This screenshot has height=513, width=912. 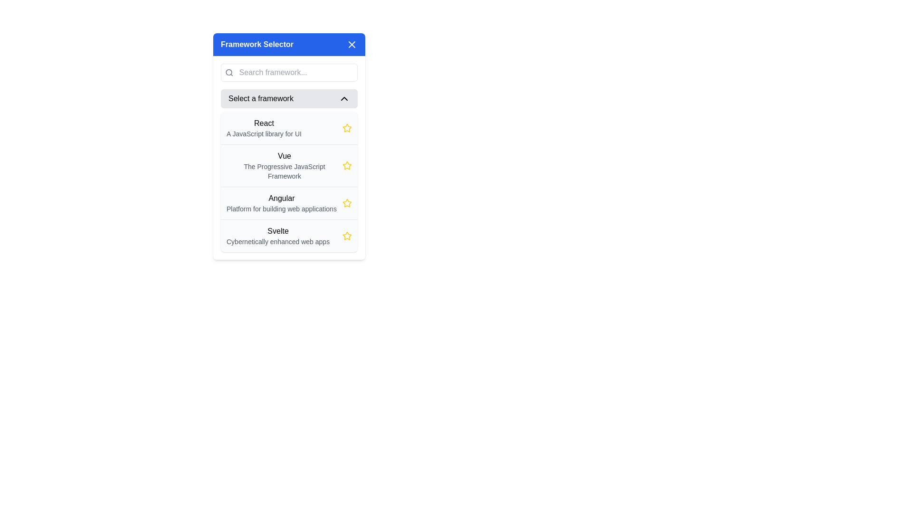 I want to click on the star icon located adjacent, so click(x=346, y=236).